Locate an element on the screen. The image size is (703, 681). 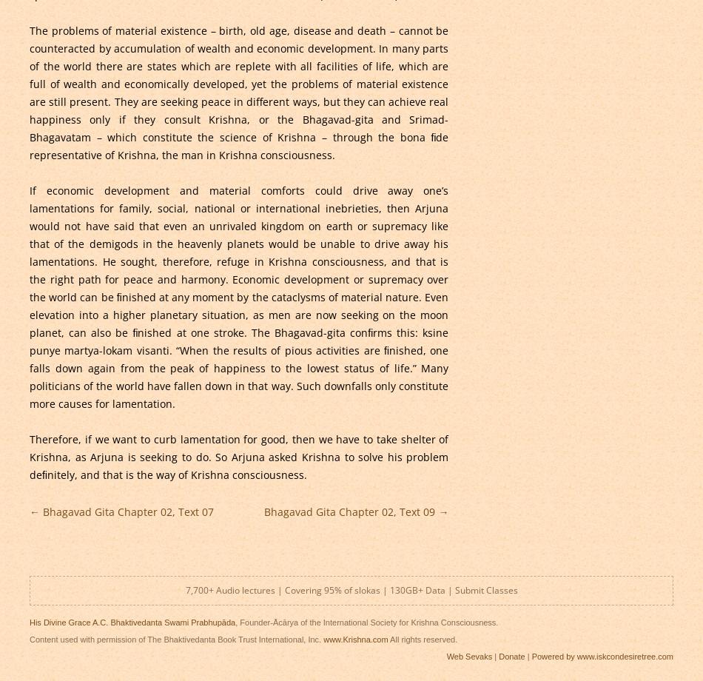
'Donate' is located at coordinates (511, 654).